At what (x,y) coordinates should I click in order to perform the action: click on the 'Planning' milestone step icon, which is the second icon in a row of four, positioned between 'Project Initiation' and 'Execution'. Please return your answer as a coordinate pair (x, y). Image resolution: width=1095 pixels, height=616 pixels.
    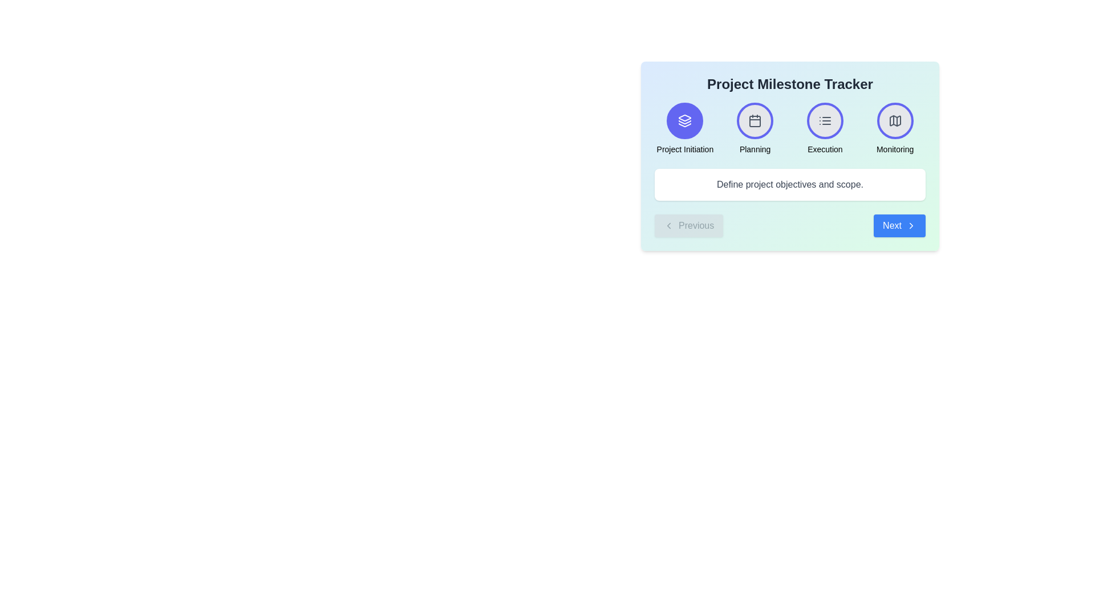
    Looking at the image, I should click on (755, 128).